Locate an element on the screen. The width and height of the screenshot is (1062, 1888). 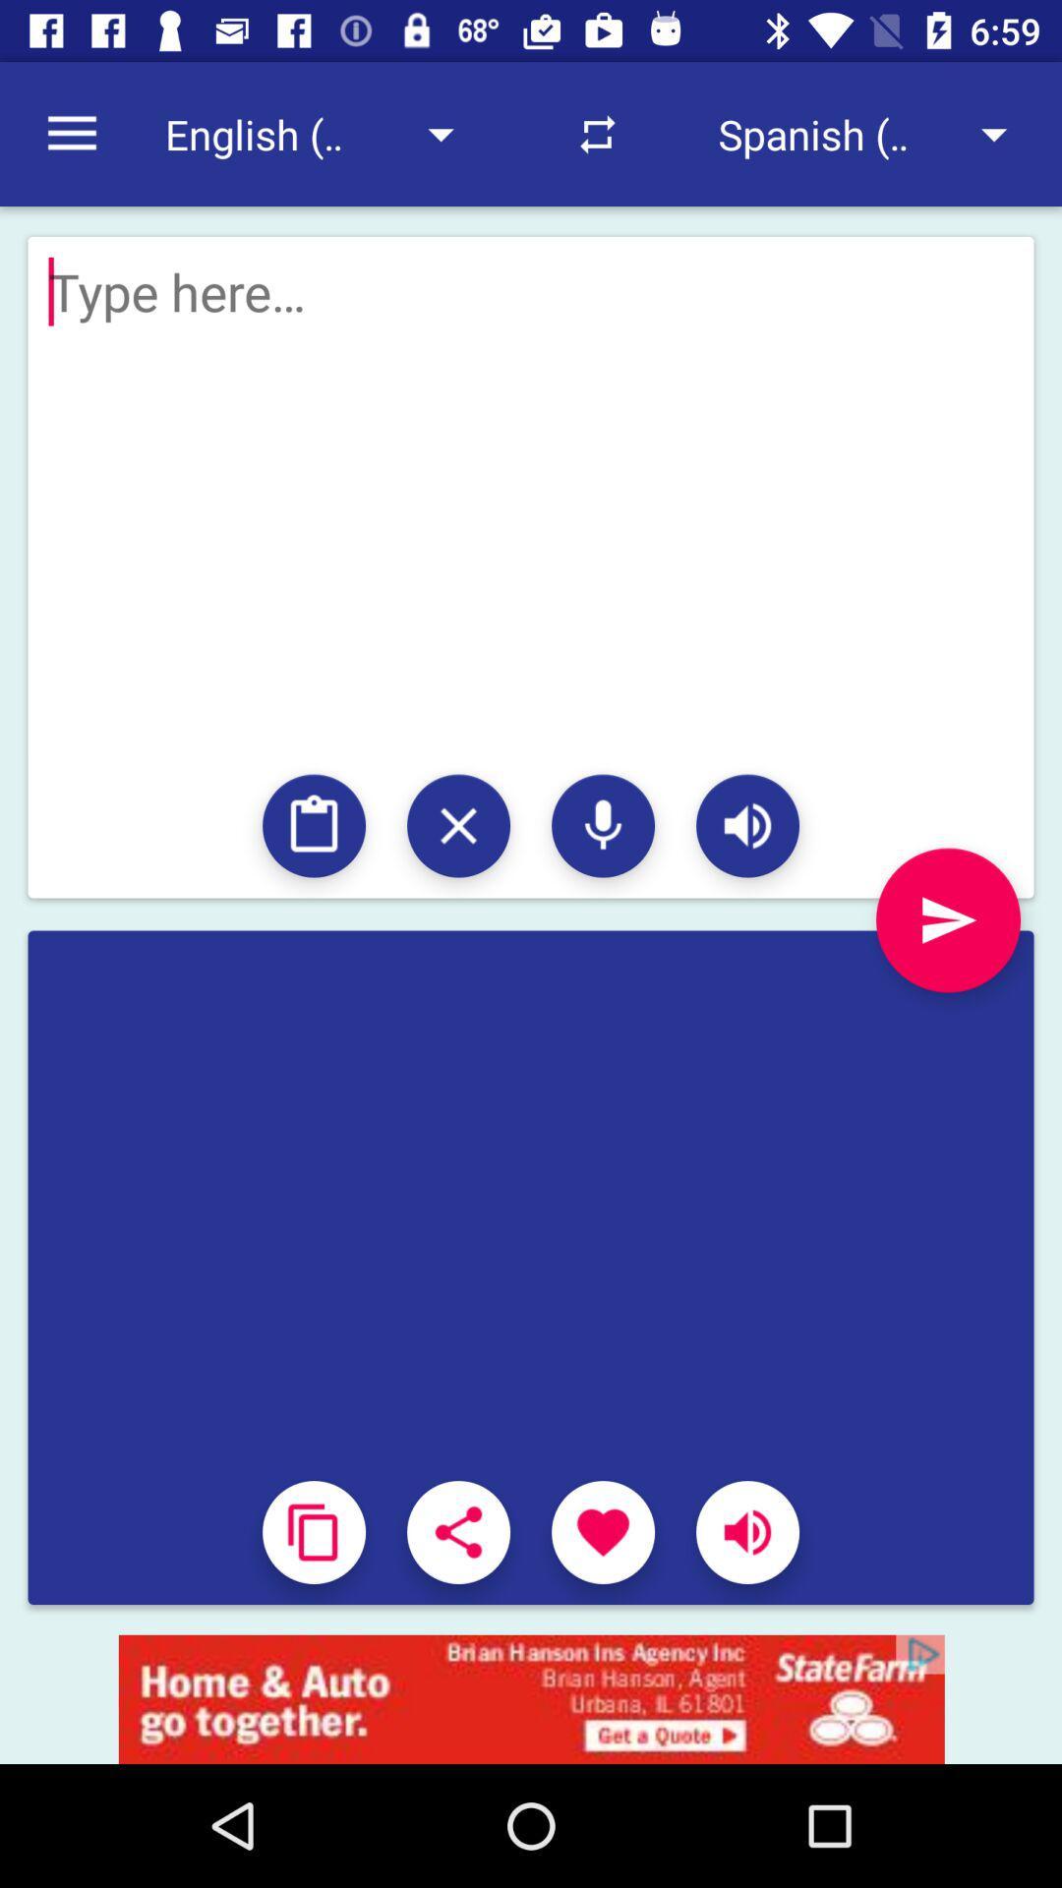
to searched list is located at coordinates (313, 826).